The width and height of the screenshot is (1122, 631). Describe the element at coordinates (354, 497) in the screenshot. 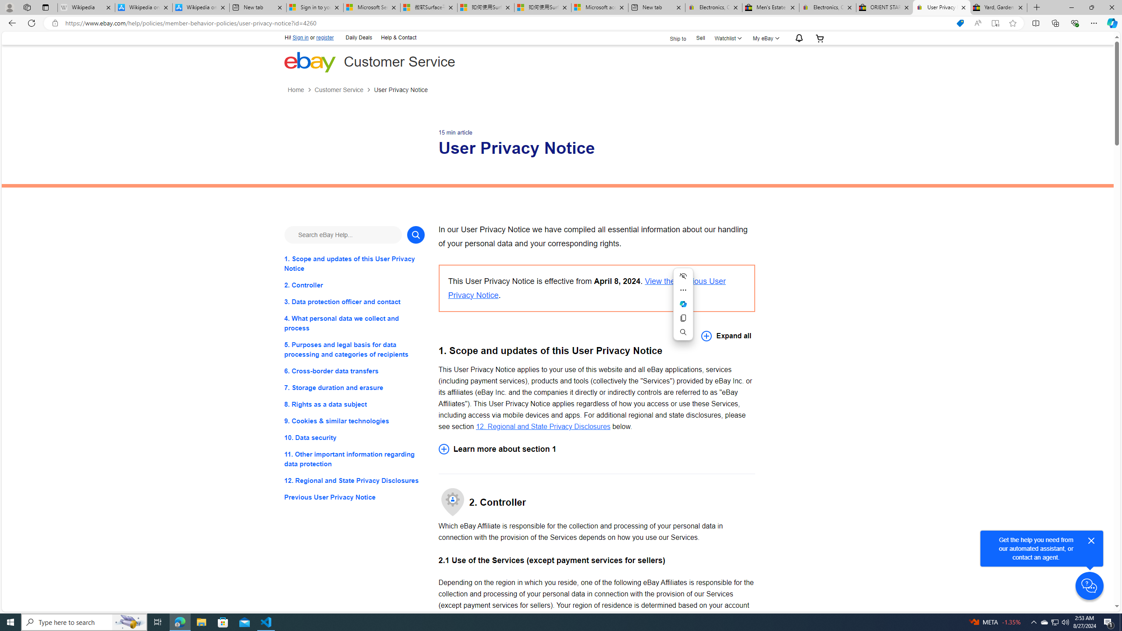

I see `'Previous User Privacy Notice'` at that location.